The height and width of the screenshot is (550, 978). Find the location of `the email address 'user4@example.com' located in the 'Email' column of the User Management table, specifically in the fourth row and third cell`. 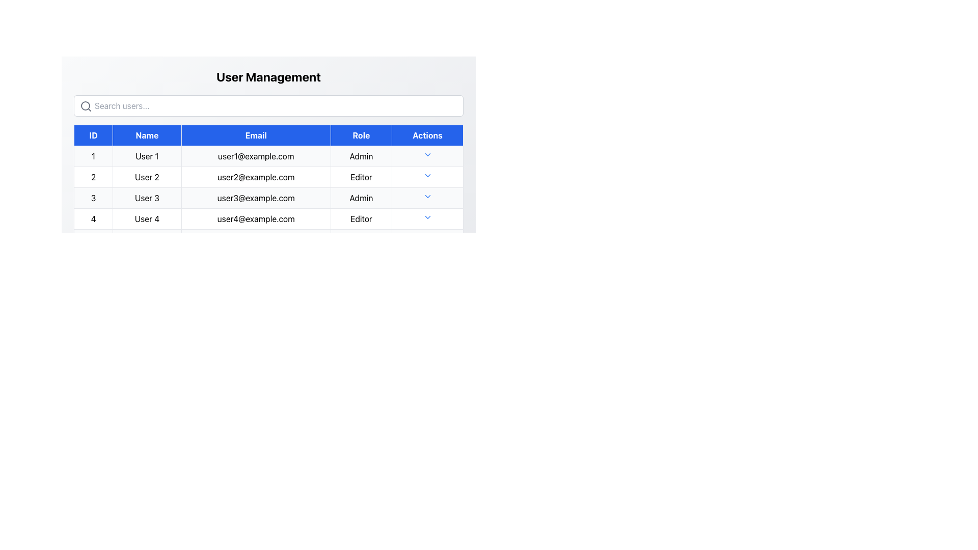

the email address 'user4@example.com' located in the 'Email' column of the User Management table, specifically in the fourth row and third cell is located at coordinates (256, 218).